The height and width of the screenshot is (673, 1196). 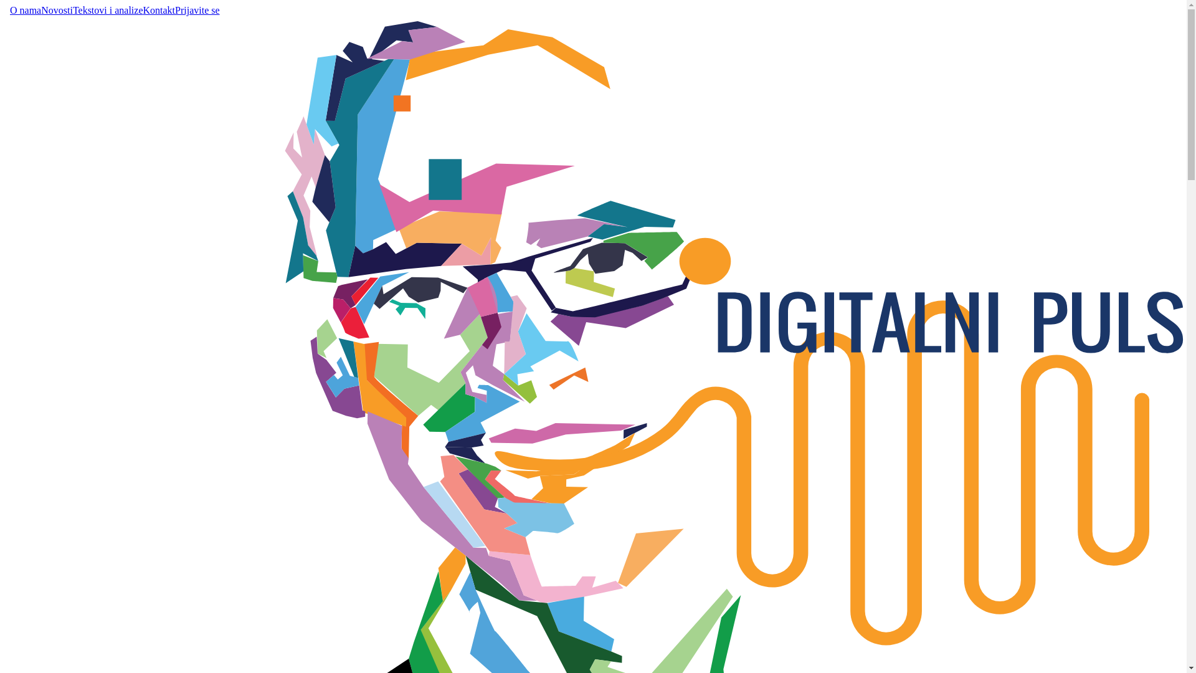 What do you see at coordinates (196, 10) in the screenshot?
I see `'Prijavite se'` at bounding box center [196, 10].